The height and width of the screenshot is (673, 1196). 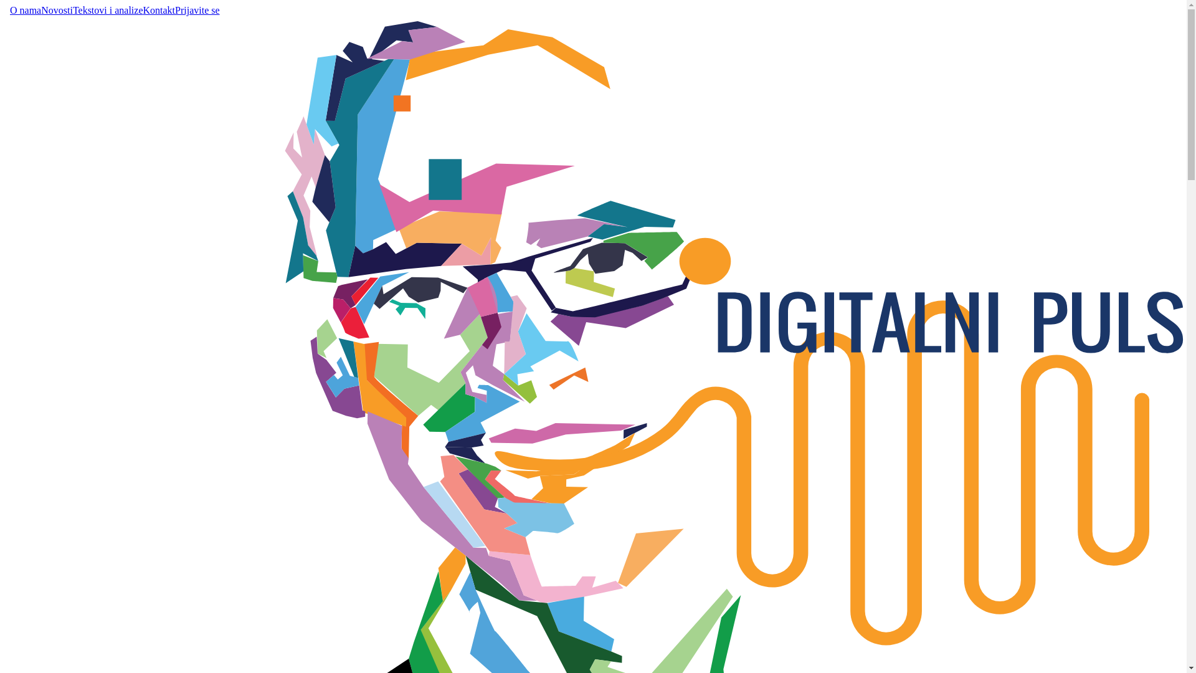 What do you see at coordinates (196, 10) in the screenshot?
I see `'Prijavite se'` at bounding box center [196, 10].